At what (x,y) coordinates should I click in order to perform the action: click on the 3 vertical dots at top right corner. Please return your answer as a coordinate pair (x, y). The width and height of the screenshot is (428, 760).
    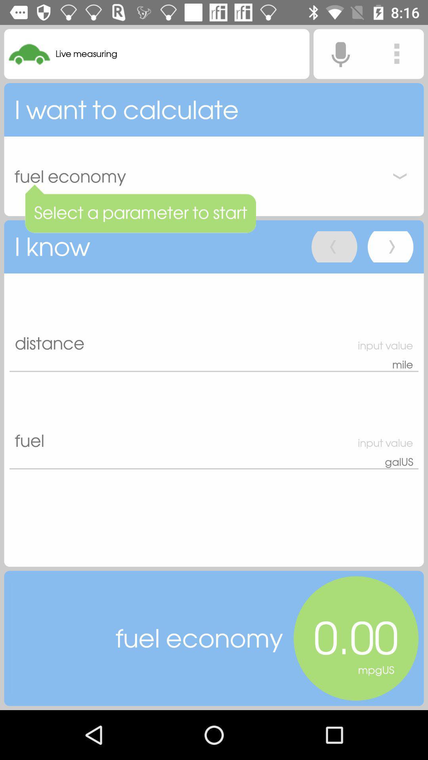
    Looking at the image, I should click on (397, 53).